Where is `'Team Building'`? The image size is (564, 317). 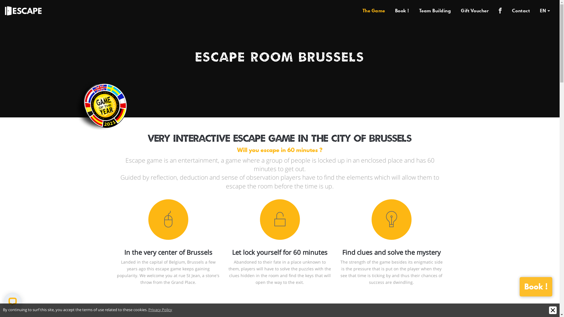
'Team Building' is located at coordinates (414, 10).